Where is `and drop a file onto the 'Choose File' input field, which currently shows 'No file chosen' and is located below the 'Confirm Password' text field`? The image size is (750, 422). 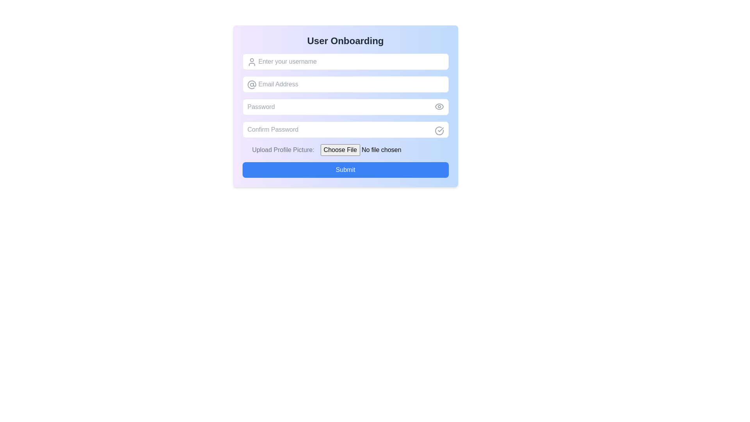 and drop a file onto the 'Choose File' input field, which currently shows 'No file chosen' and is located below the 'Confirm Password' text field is located at coordinates (380, 150).